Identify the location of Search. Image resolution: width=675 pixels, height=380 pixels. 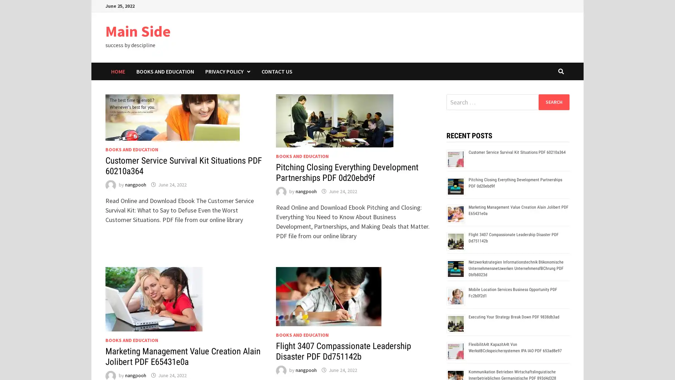
(553, 102).